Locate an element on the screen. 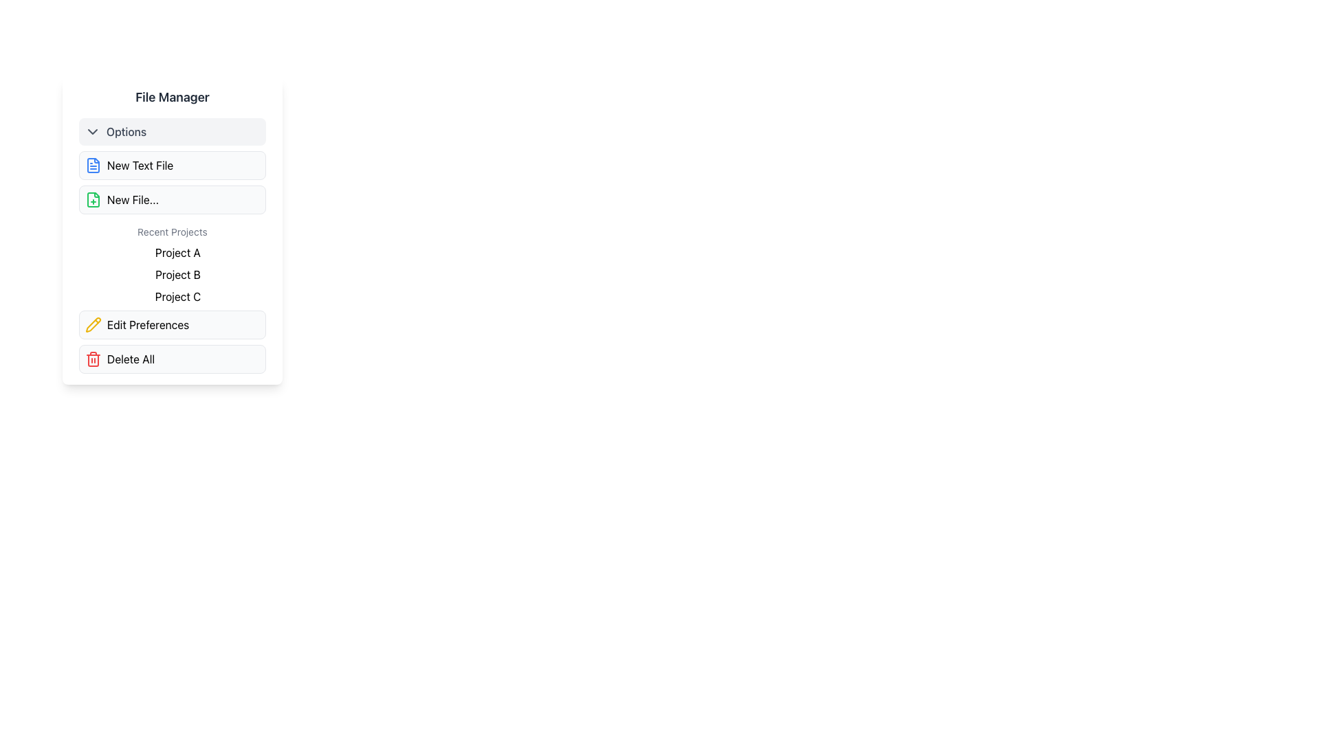  the yellow pencil icon located to the left of the 'Edit Preferences' button in the 'File Manager' modal is located at coordinates (92, 325).